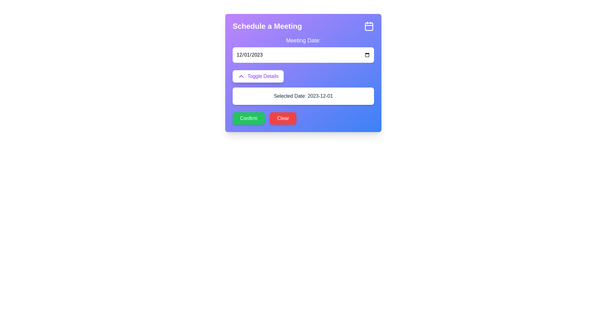  What do you see at coordinates (369, 26) in the screenshot?
I see `the Decorative Background Component, which is a rectangular shape with rounded corners serving as the background for the calendar icon in the top-right corner of the 'Schedule a Meeting' modal dialogue box` at bounding box center [369, 26].